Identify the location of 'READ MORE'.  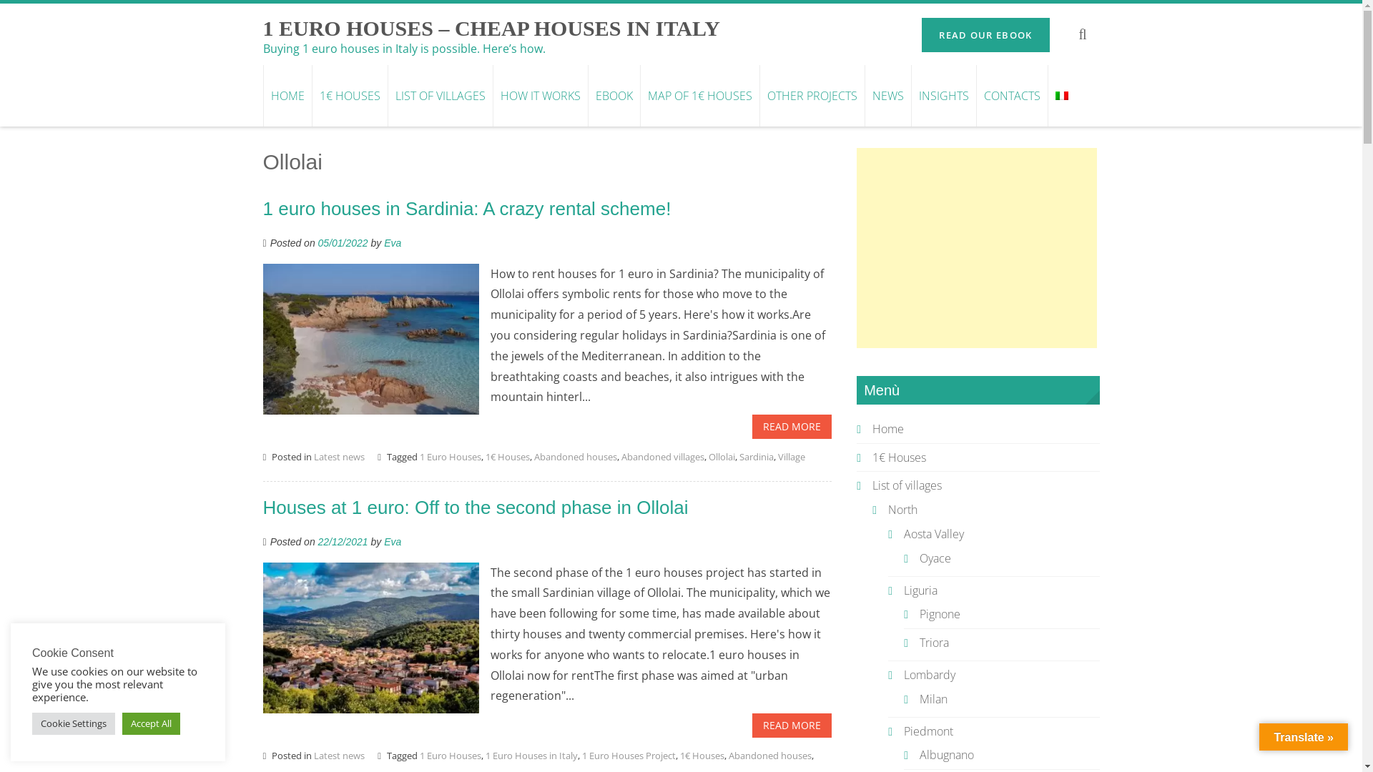
(751, 725).